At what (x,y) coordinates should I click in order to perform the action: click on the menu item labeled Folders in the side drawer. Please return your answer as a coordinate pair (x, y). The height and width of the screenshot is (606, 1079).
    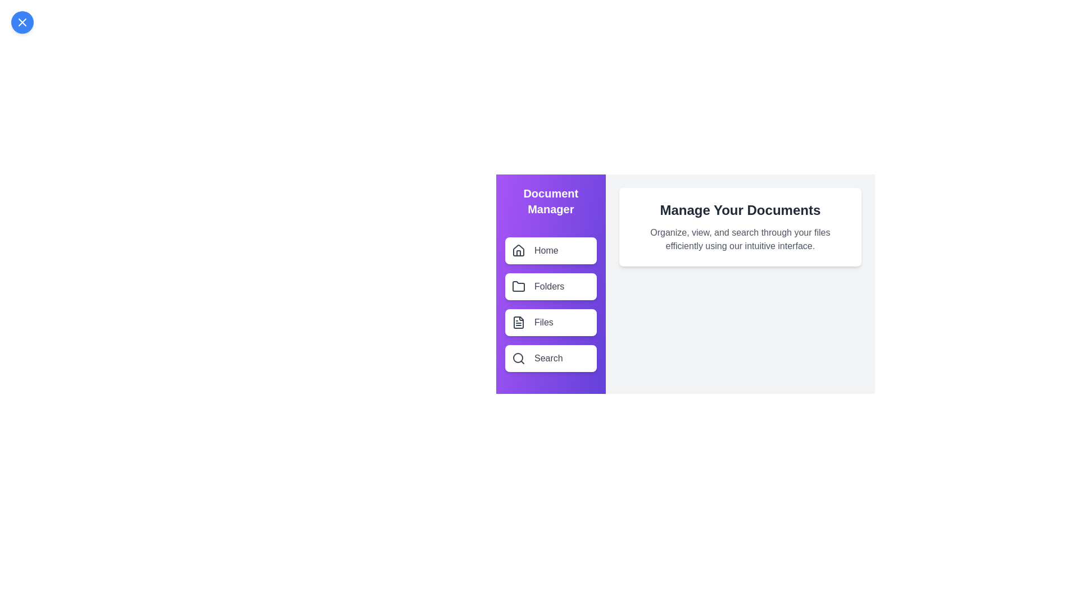
    Looking at the image, I should click on (550, 286).